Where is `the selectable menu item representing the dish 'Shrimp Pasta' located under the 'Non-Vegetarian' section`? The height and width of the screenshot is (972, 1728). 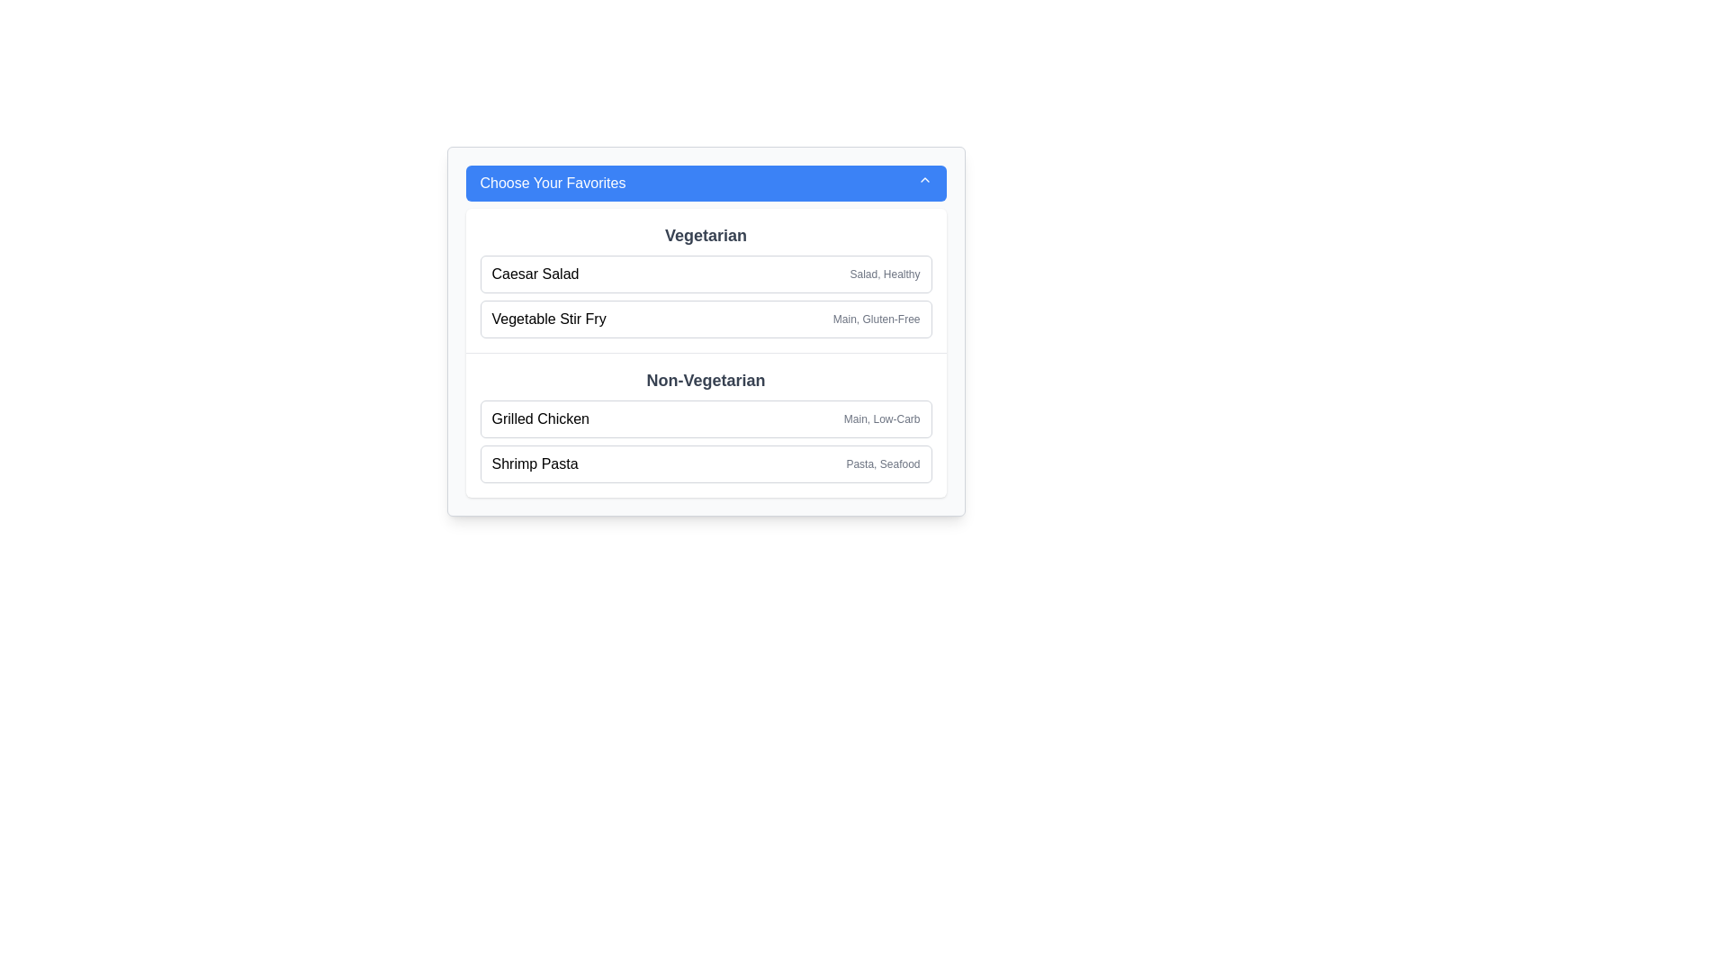 the selectable menu item representing the dish 'Shrimp Pasta' located under the 'Non-Vegetarian' section is located at coordinates (705, 463).